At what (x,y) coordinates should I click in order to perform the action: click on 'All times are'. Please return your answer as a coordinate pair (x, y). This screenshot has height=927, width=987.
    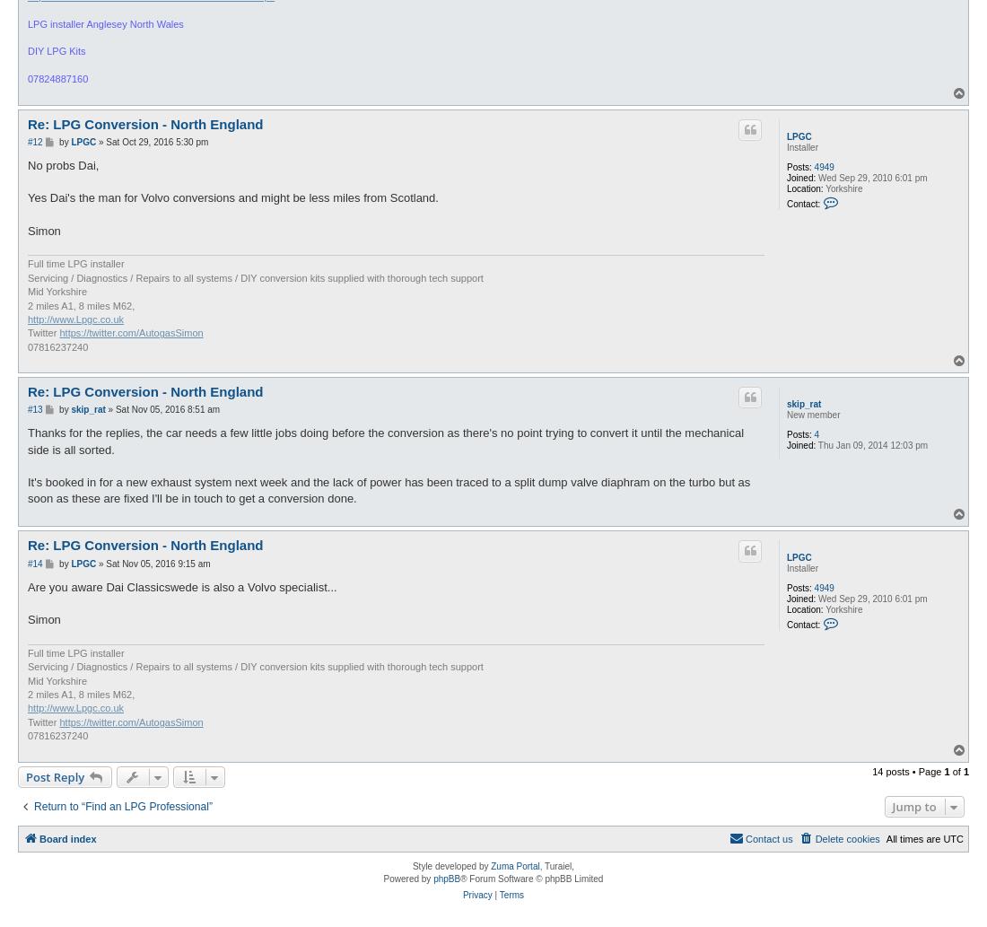
    Looking at the image, I should click on (913, 837).